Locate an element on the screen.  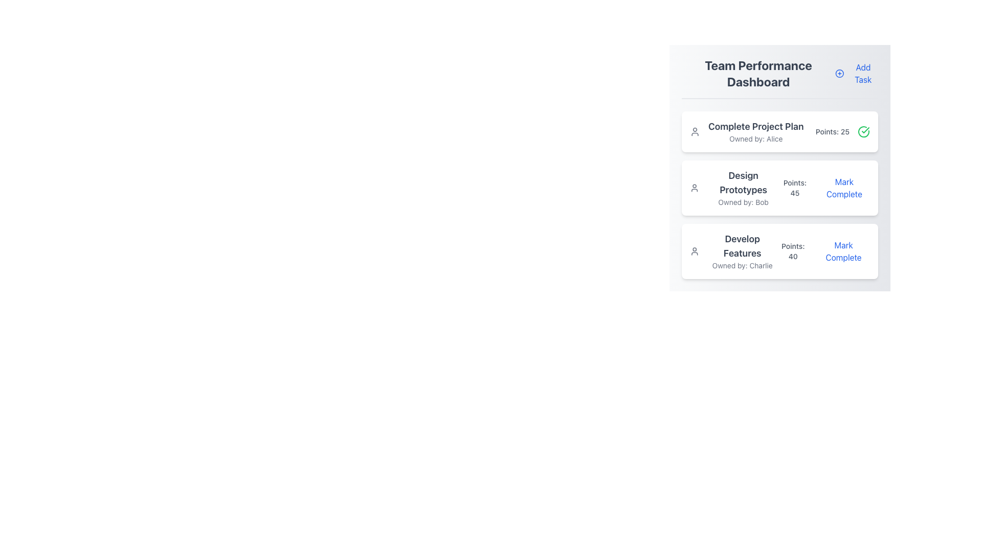
the bold, dark gray text element labeled 'Complete Project Plan' at the top of the task list in the 'Team Performance Dashboard' is located at coordinates (756, 126).